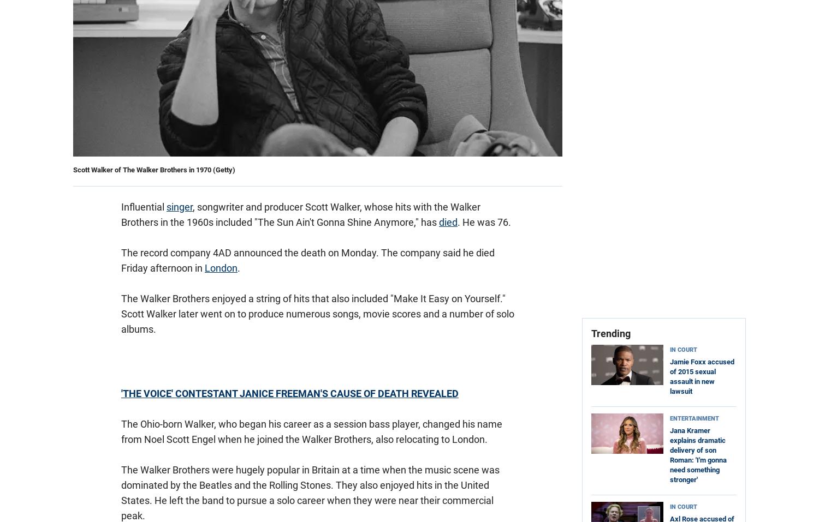 The image size is (819, 522). I want to click on '(Getty)', so click(213, 170).